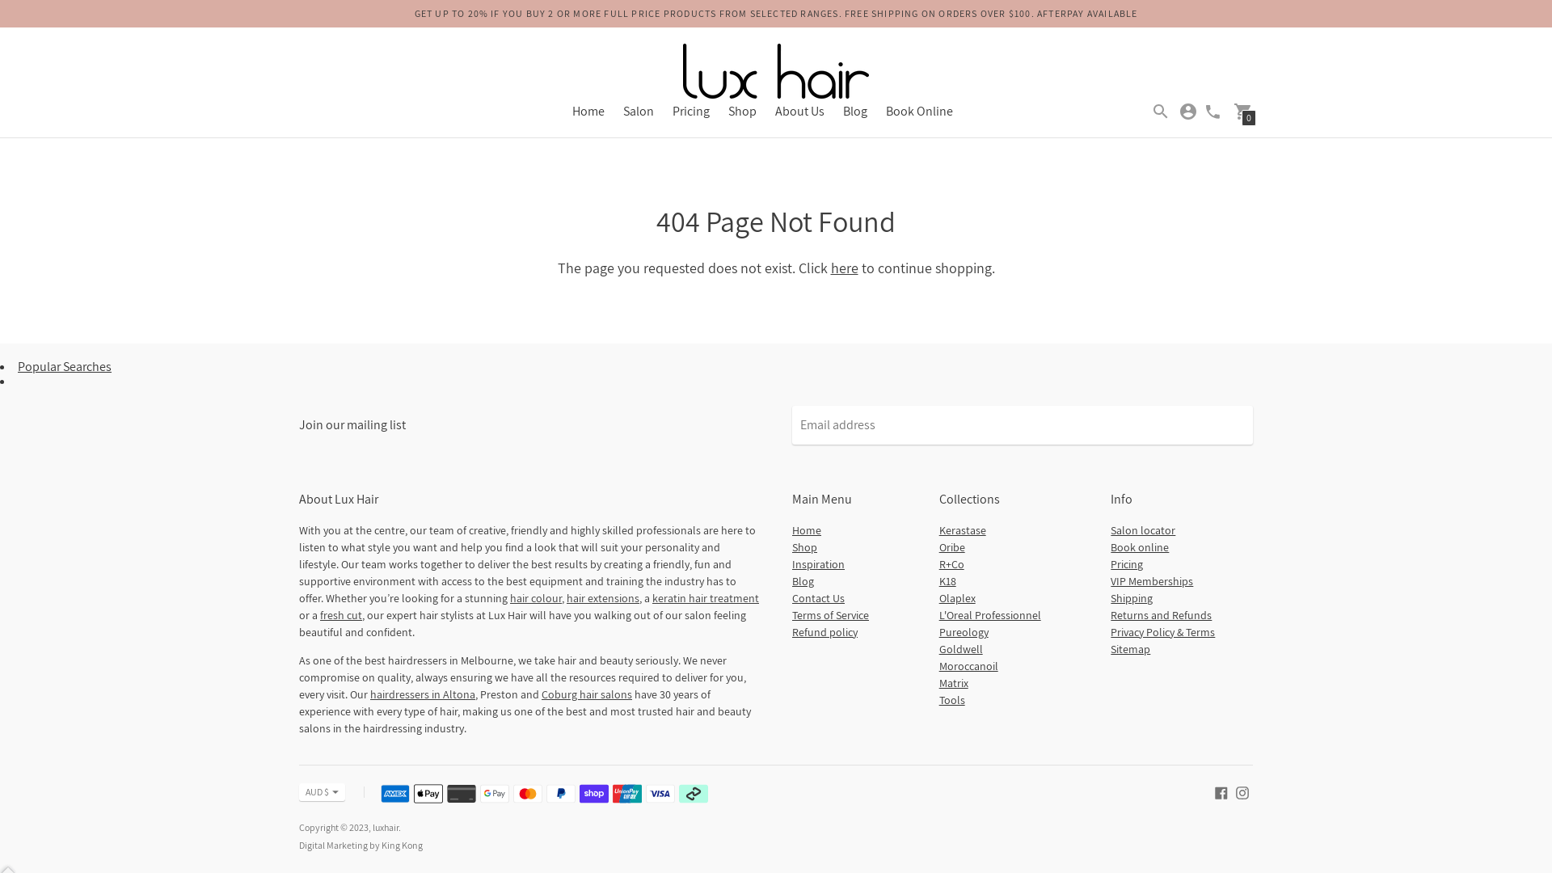 The image size is (1552, 873). What do you see at coordinates (340, 614) in the screenshot?
I see `'fresh cut'` at bounding box center [340, 614].